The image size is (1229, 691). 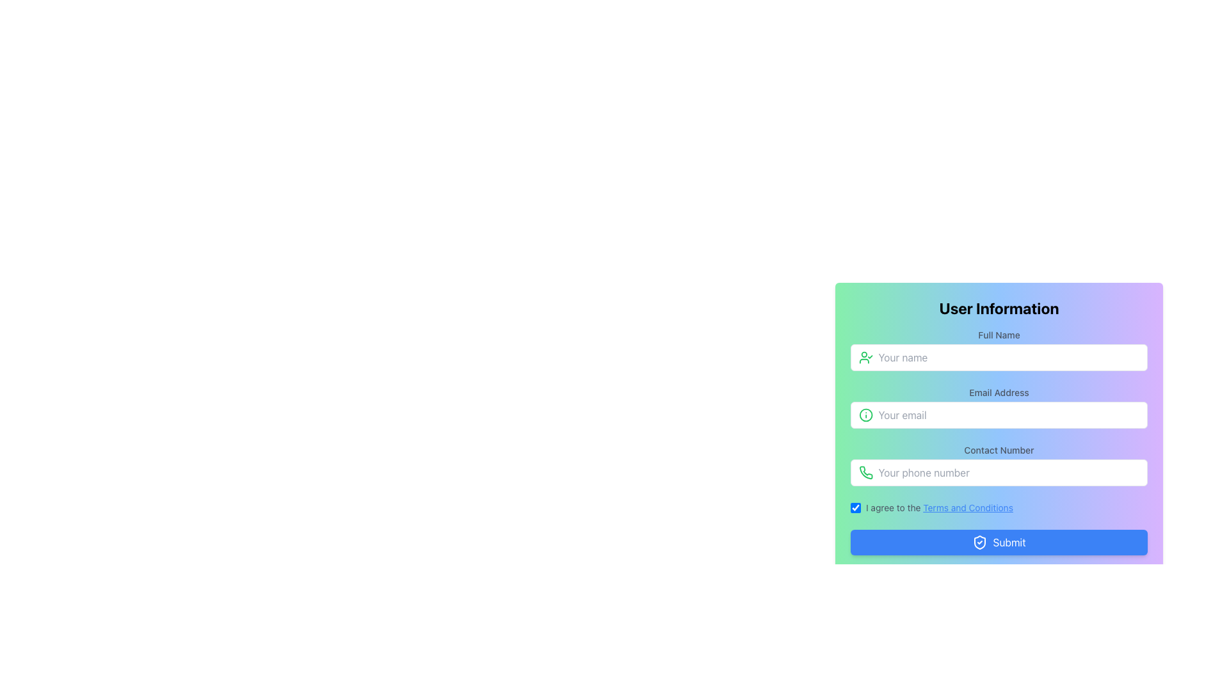 What do you see at coordinates (979, 543) in the screenshot?
I see `the stylized shield icon embedded in the SVG component that is located at the center of the 'Submit' button` at bounding box center [979, 543].